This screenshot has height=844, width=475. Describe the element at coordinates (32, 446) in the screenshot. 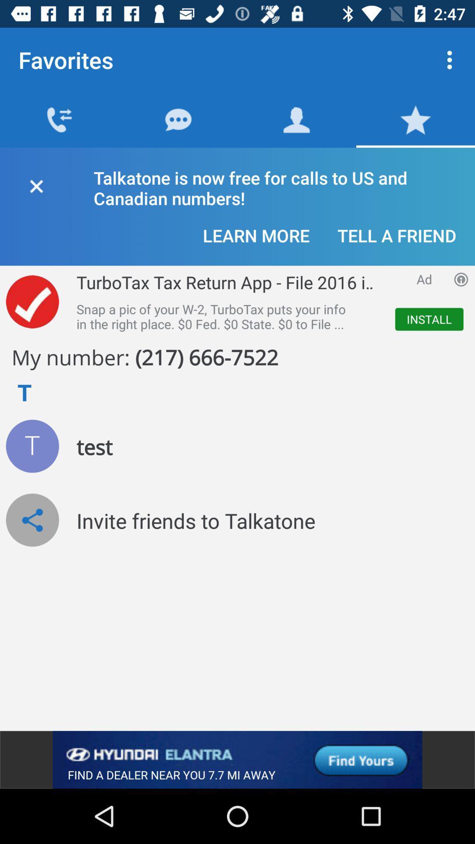

I see `contact icon` at that location.